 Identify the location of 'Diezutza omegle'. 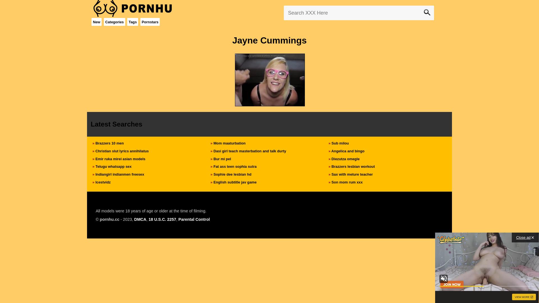
(345, 159).